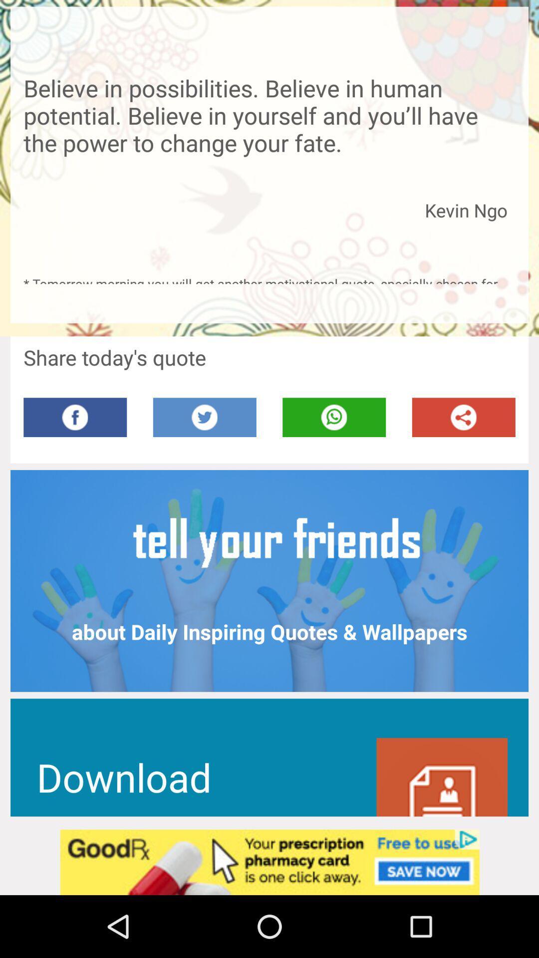  I want to click on more share options, so click(464, 417).